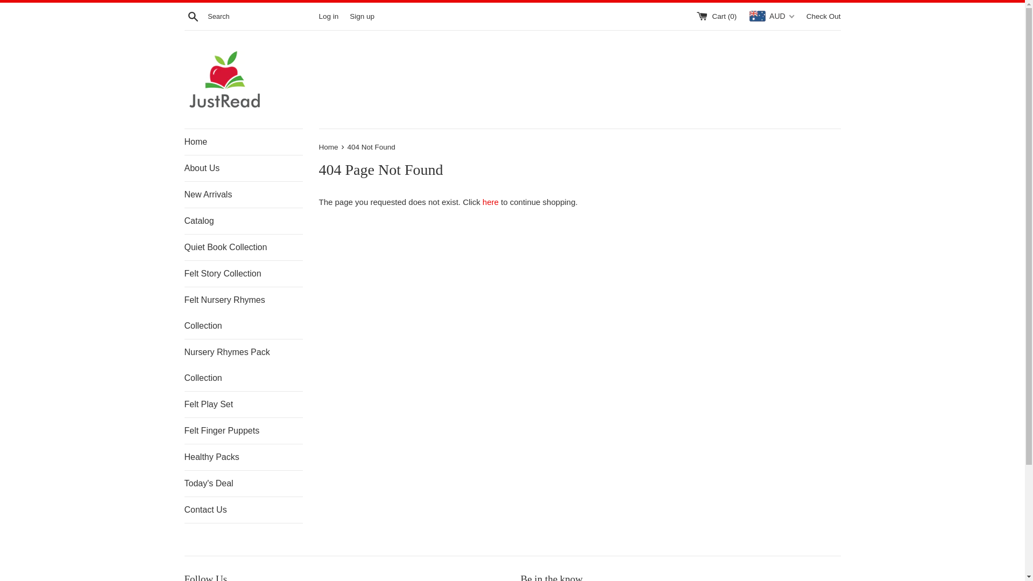  I want to click on 'Today's Deal', so click(242, 483).